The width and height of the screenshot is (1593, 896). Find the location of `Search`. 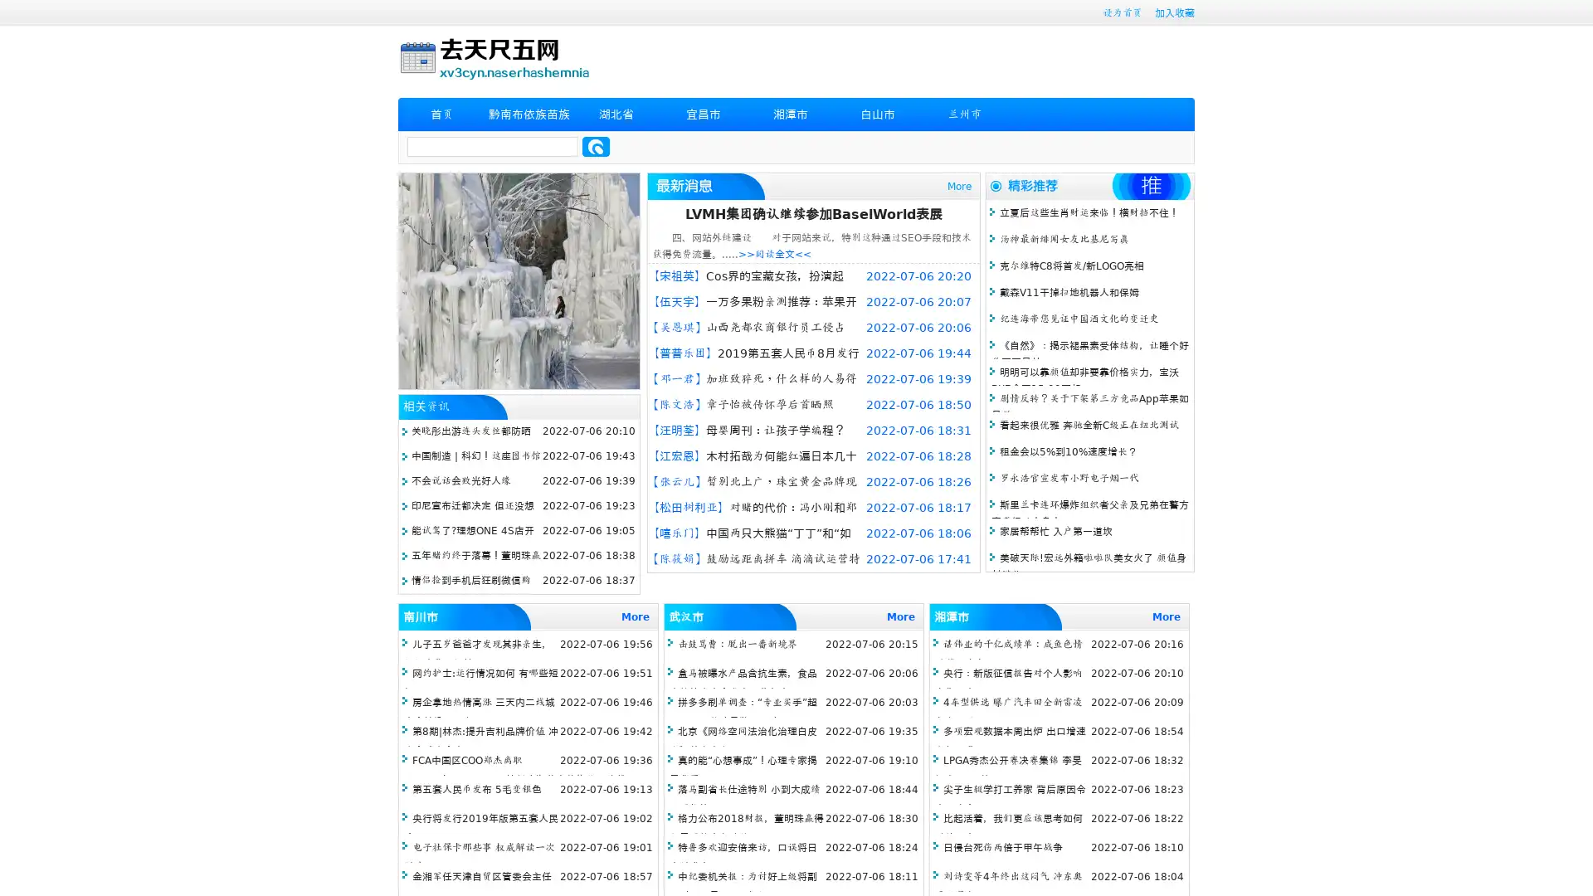

Search is located at coordinates (596, 146).